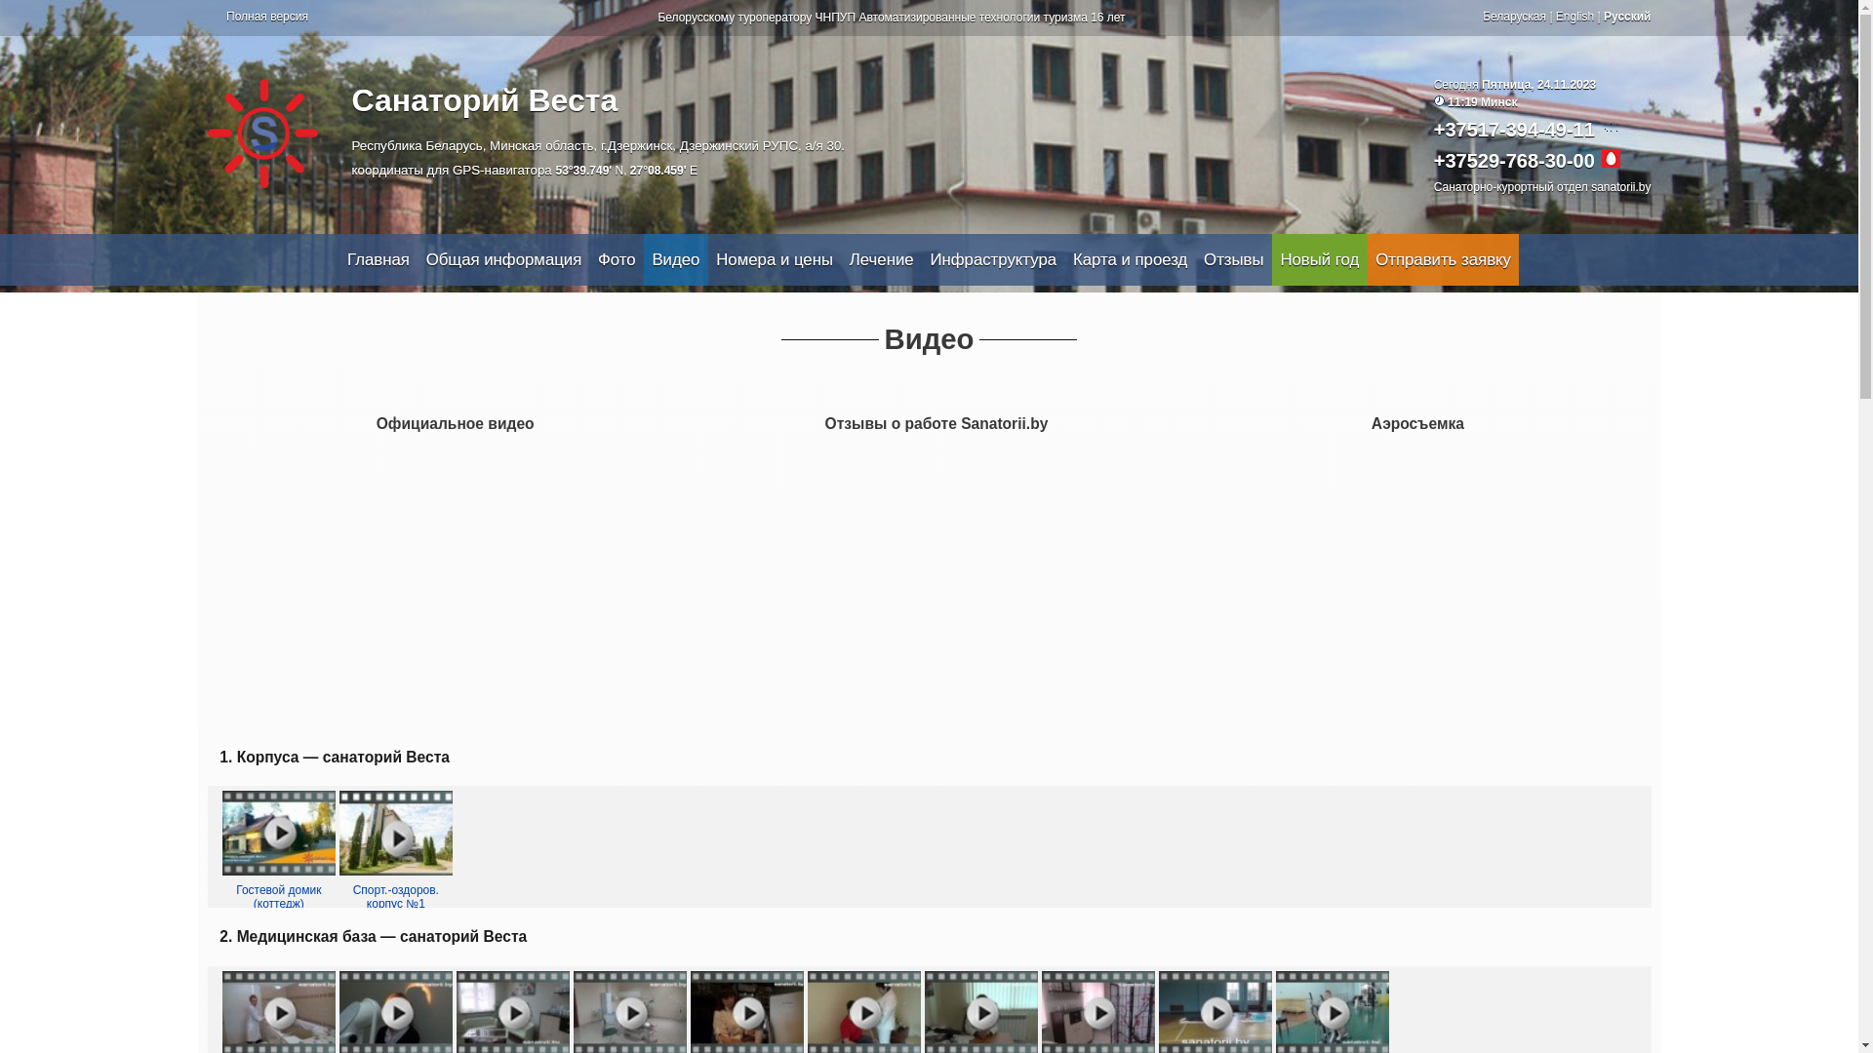  Describe the element at coordinates (1513, 160) in the screenshot. I see `'+37529-768-30-00'` at that location.